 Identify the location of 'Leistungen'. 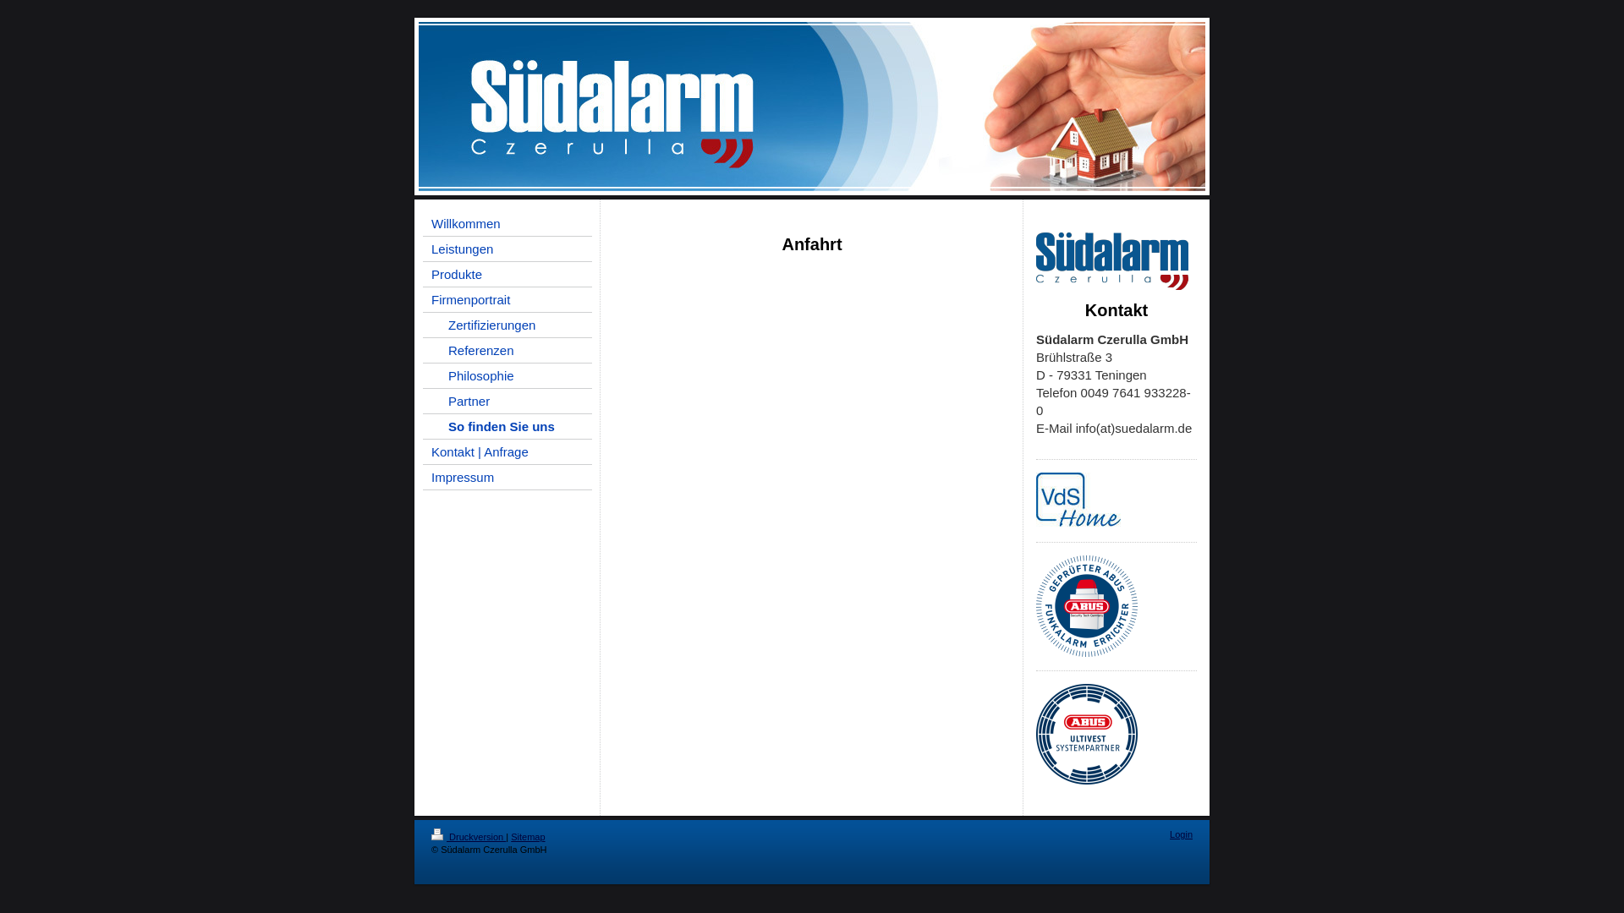
(422, 249).